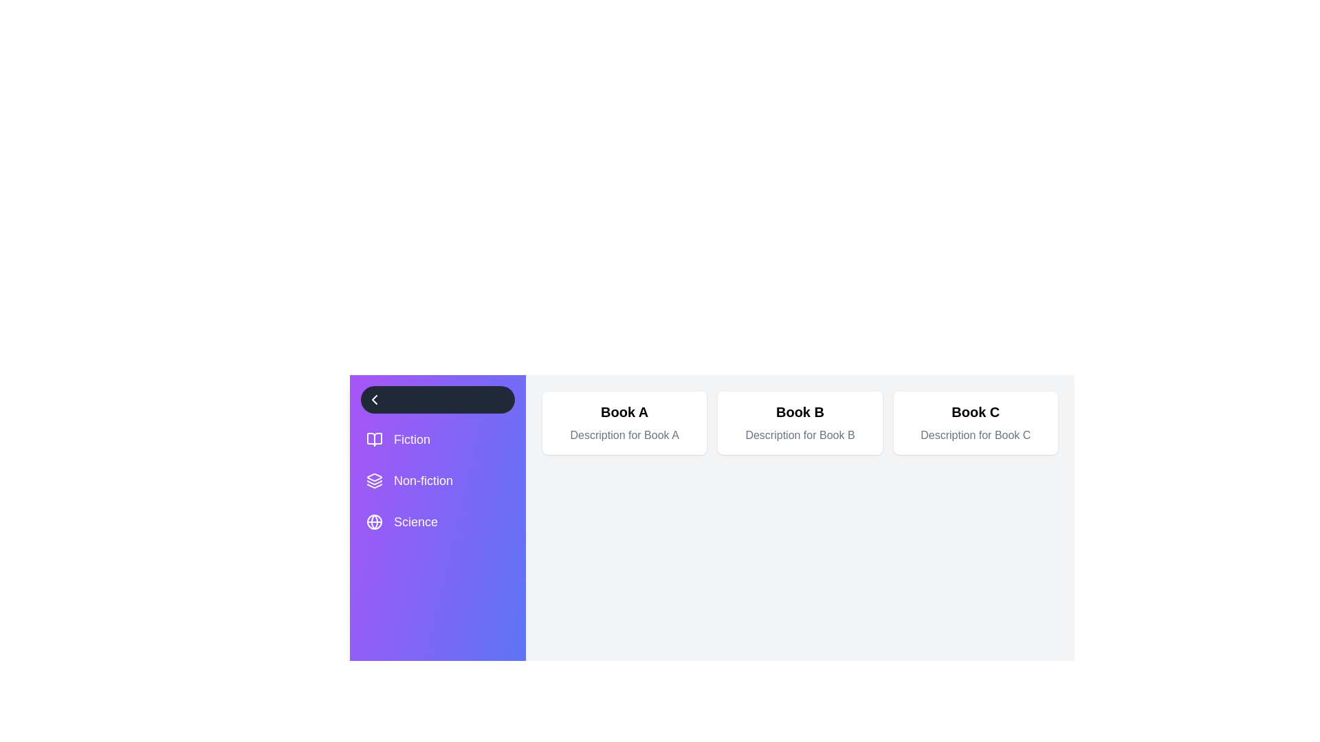 This screenshot has width=1320, height=742. Describe the element at coordinates (437, 440) in the screenshot. I see `the category Fiction to select it` at that location.